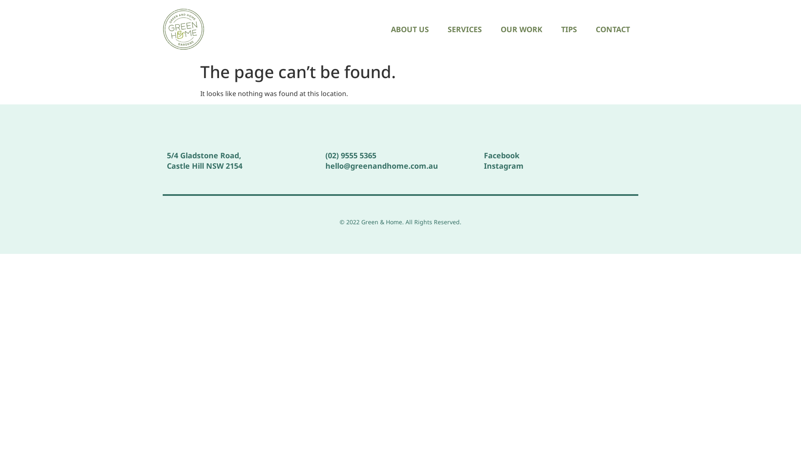 The width and height of the screenshot is (801, 451). I want to click on 'Facebook', so click(501, 155).